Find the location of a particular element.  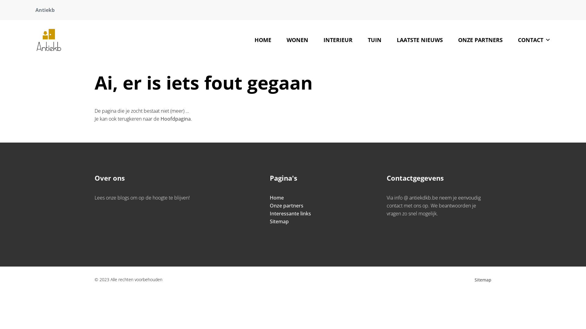

'INTERIEUR' is located at coordinates (338, 40).